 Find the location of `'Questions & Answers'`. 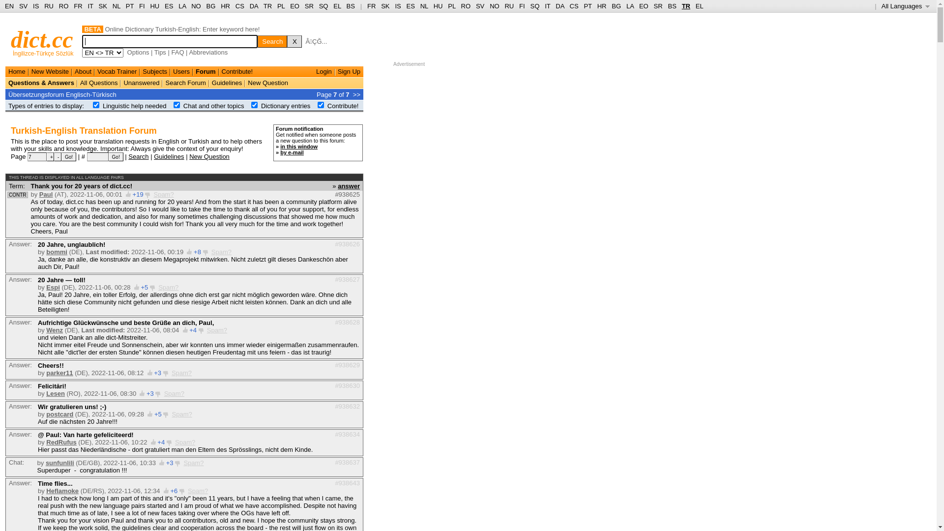

'Questions & Answers' is located at coordinates (40, 82).